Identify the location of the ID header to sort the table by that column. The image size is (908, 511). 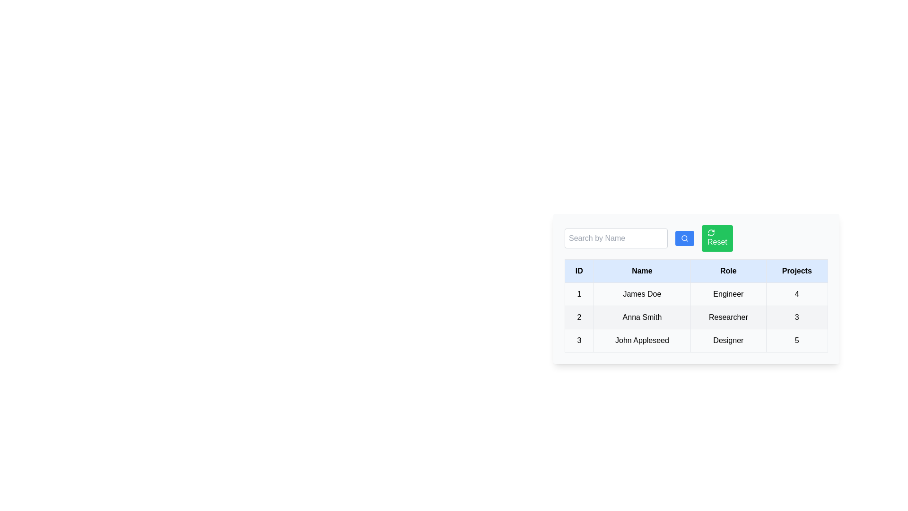
(578, 271).